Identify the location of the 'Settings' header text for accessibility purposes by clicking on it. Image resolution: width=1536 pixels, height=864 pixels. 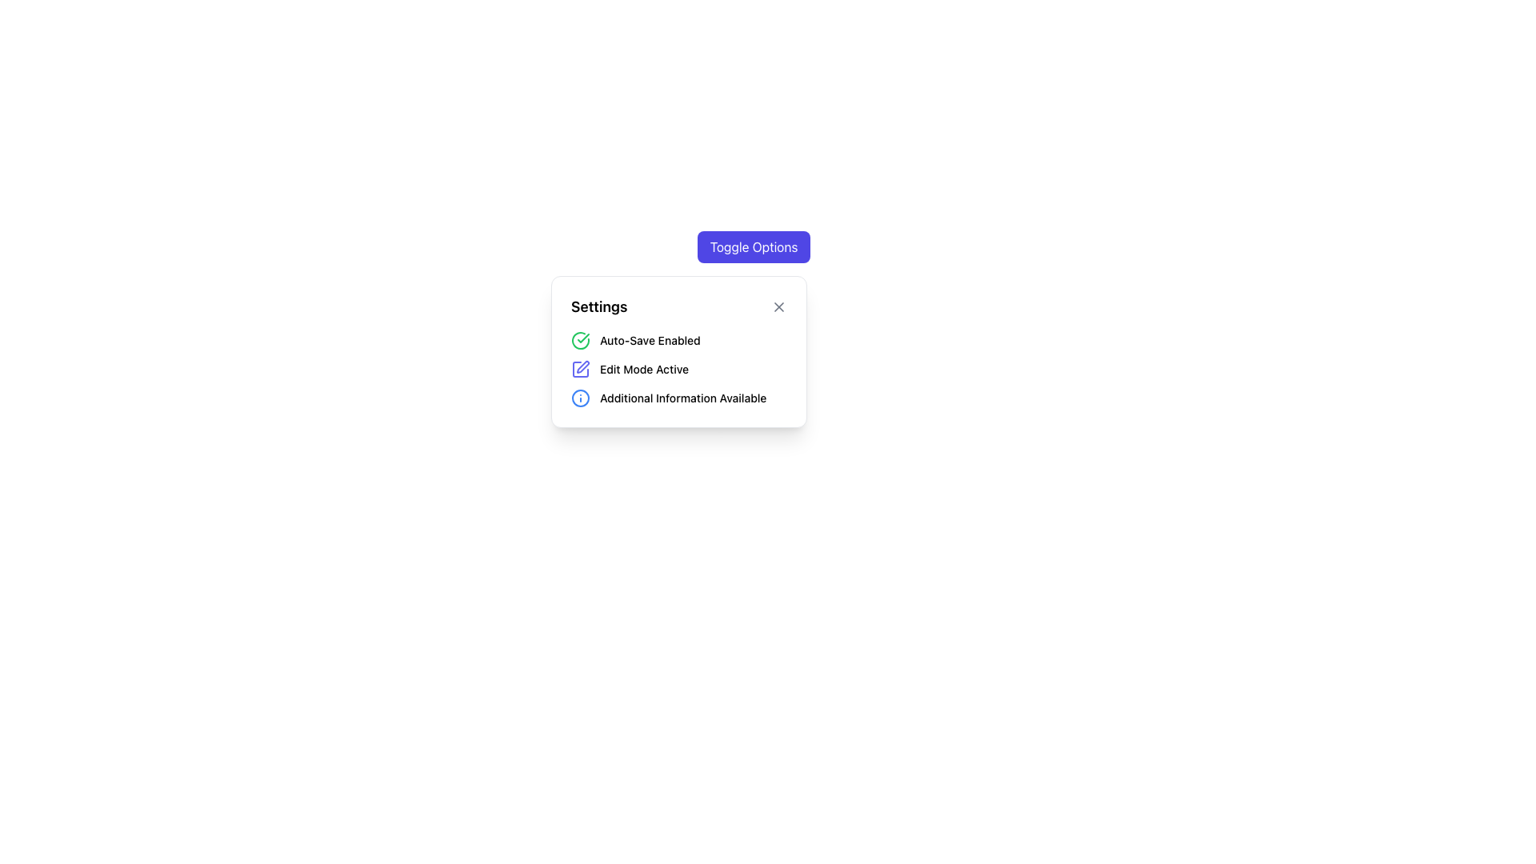
(679, 307).